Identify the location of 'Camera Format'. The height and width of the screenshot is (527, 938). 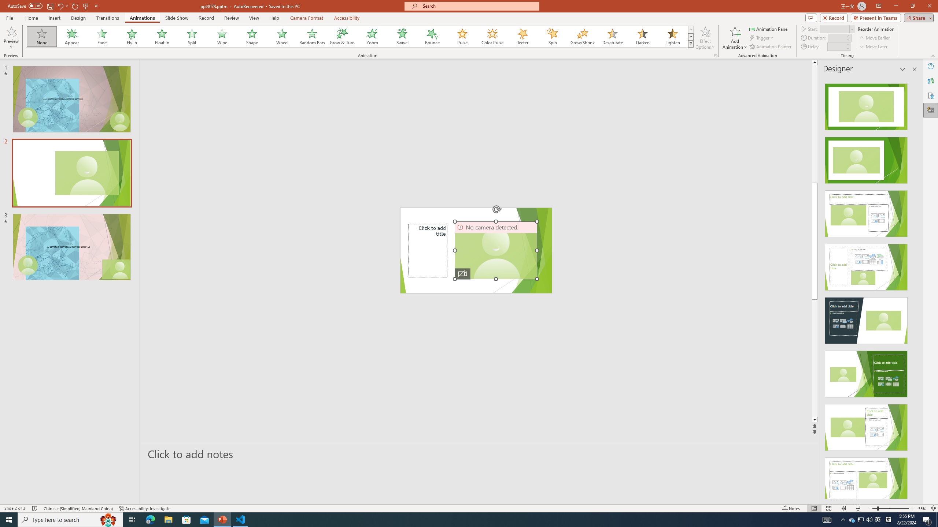
(306, 18).